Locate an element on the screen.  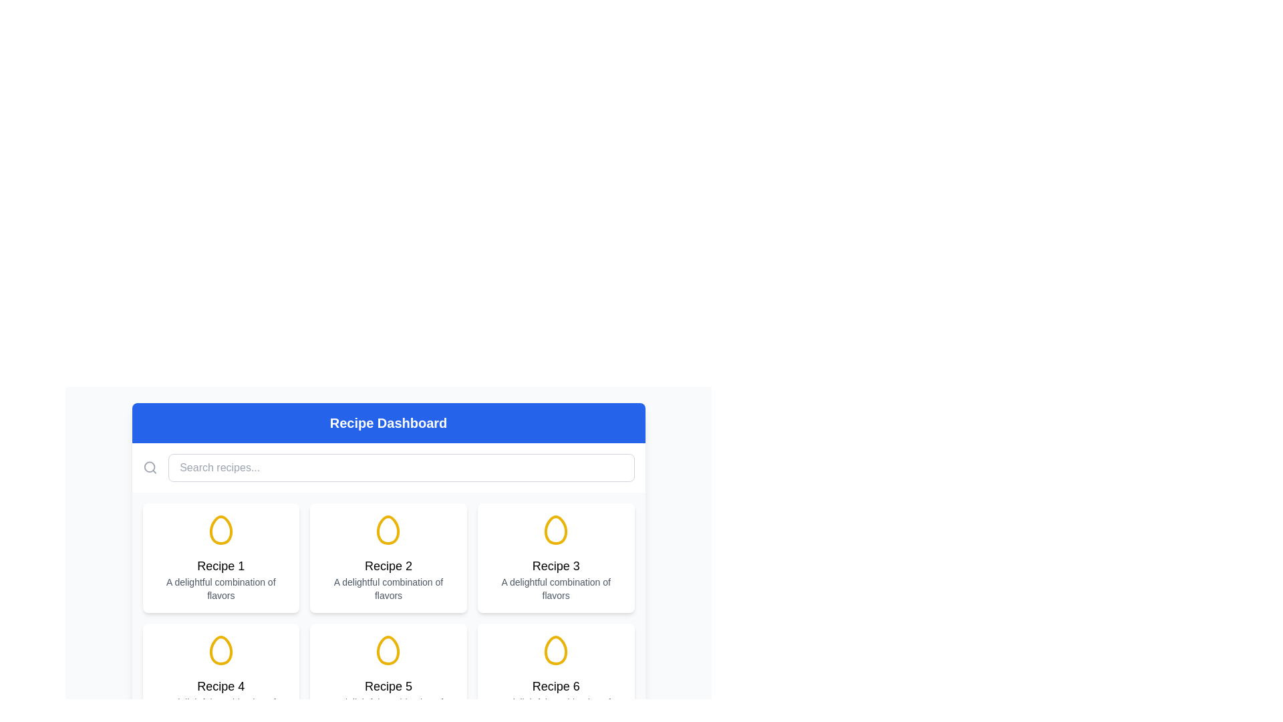
the search icon located to the left of the text input with the placeholder 'Search recipes...' to initiate the search operation is located at coordinates (150, 467).